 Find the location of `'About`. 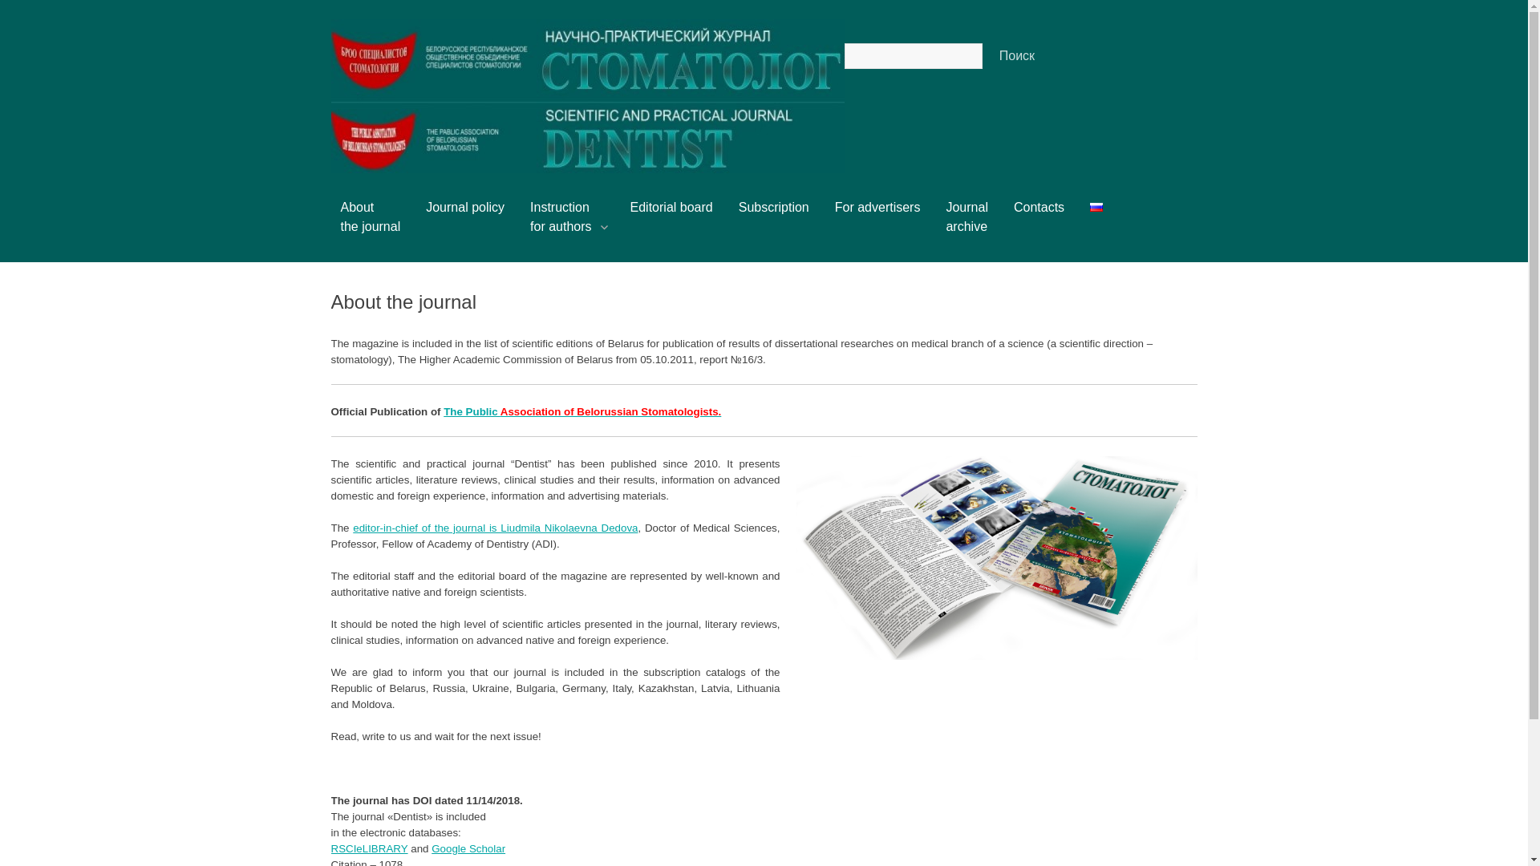

'About is located at coordinates (369, 223).